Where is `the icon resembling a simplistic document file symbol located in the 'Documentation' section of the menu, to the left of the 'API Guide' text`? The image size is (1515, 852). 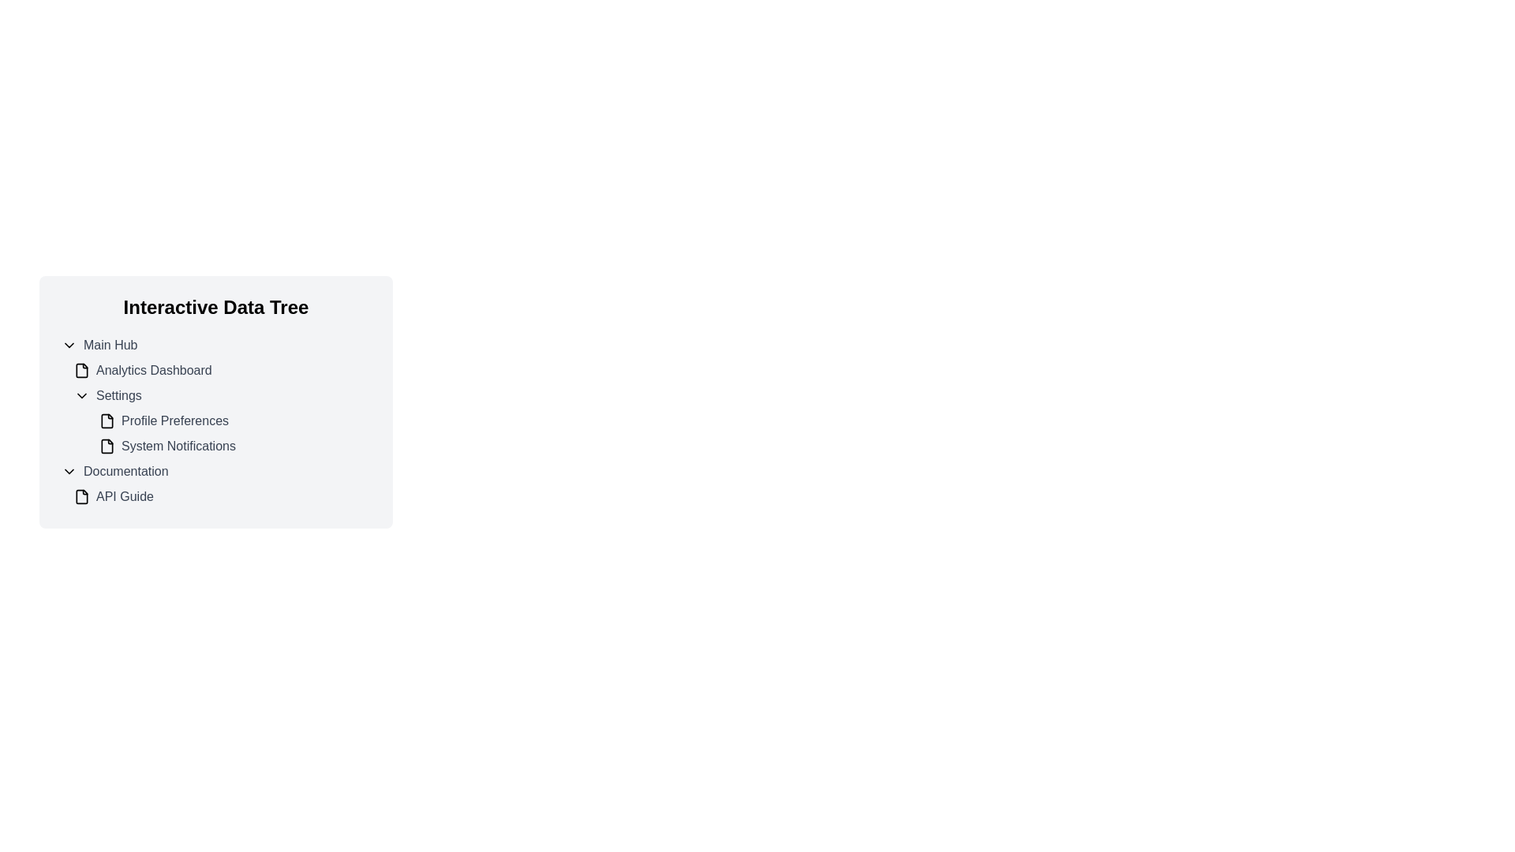
the icon resembling a simplistic document file symbol located in the 'Documentation' section of the menu, to the left of the 'API Guide' text is located at coordinates (81, 495).